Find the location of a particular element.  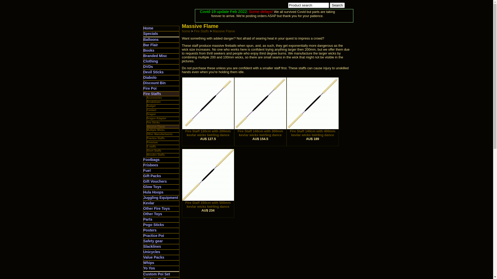

'DVDs' is located at coordinates (148, 66).